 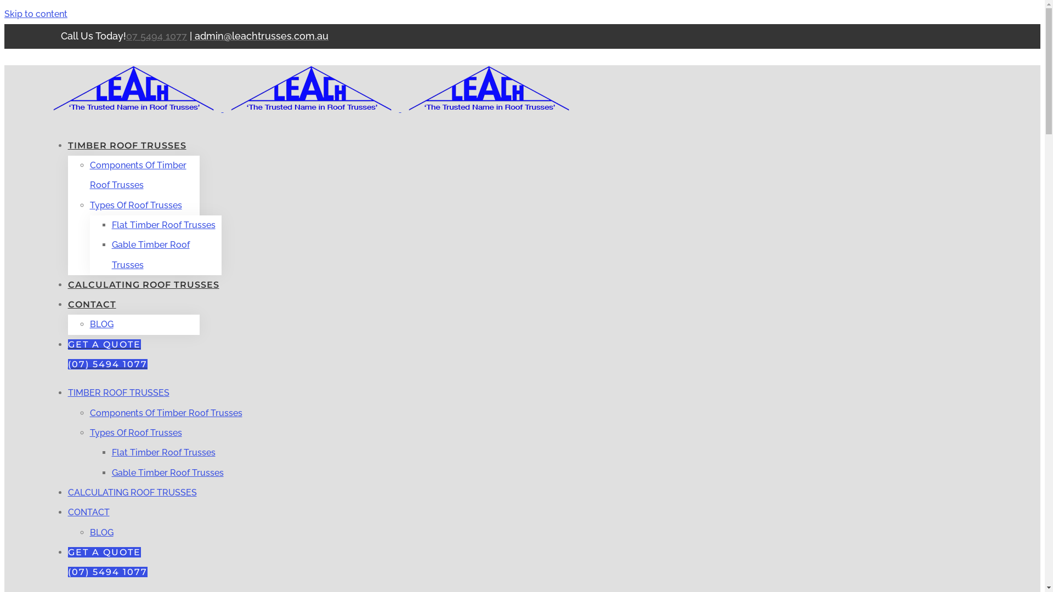 I want to click on 'Gable Timber Roof Trusses', so click(x=167, y=472).